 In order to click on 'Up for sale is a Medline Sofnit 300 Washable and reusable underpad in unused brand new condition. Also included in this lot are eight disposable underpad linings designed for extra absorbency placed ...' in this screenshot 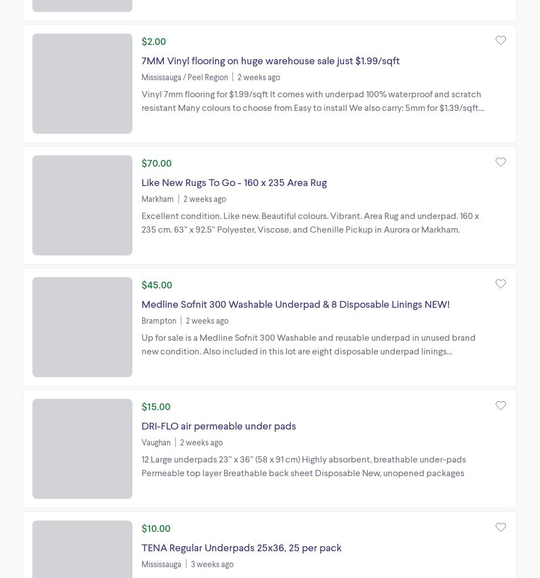, I will do `click(309, 350)`.